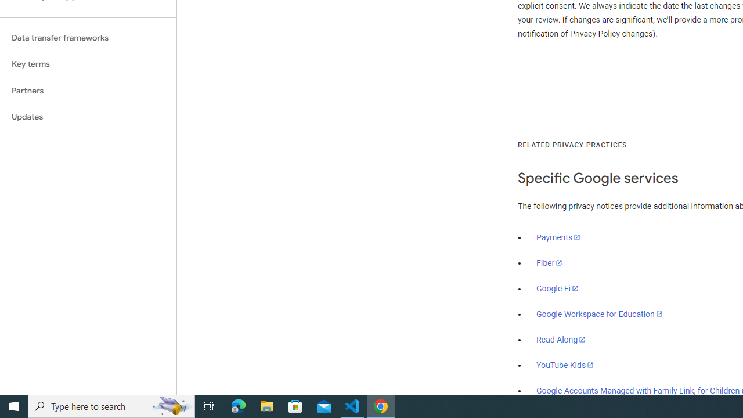  I want to click on 'Fiber', so click(549, 263).